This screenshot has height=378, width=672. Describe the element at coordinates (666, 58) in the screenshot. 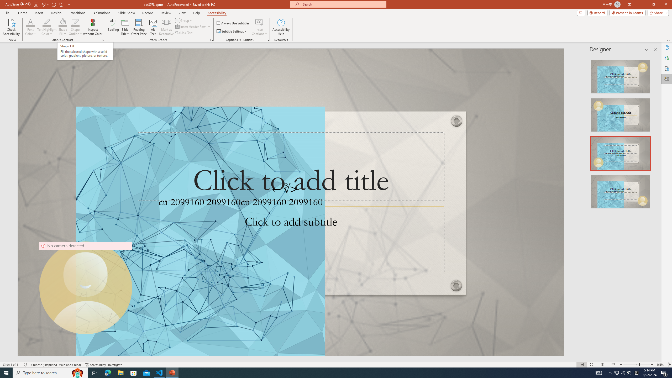

I see `'Translator'` at that location.